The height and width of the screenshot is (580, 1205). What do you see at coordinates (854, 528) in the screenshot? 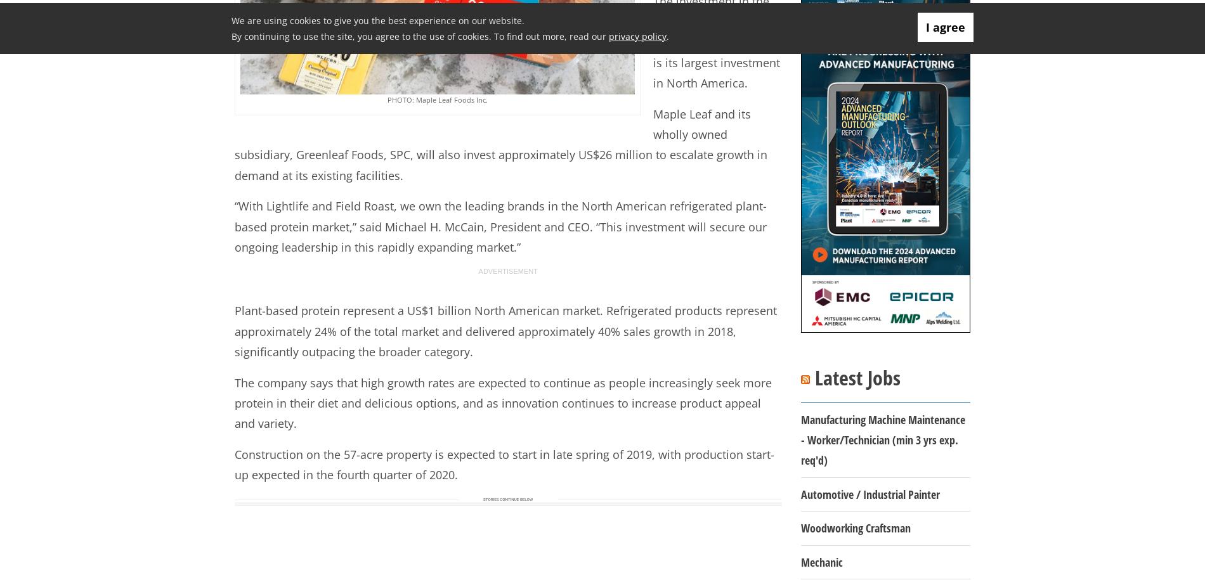
I see `'Woodworking Craftsman'` at bounding box center [854, 528].